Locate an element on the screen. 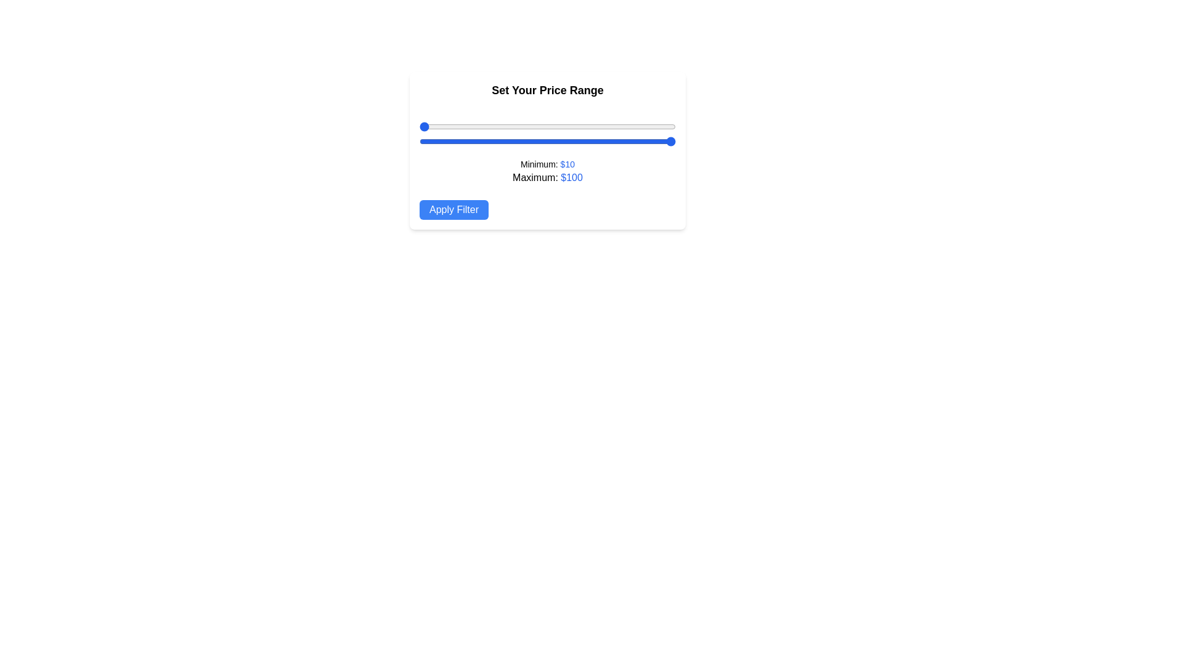 This screenshot has width=1183, height=665. the slider position is located at coordinates (527, 126).